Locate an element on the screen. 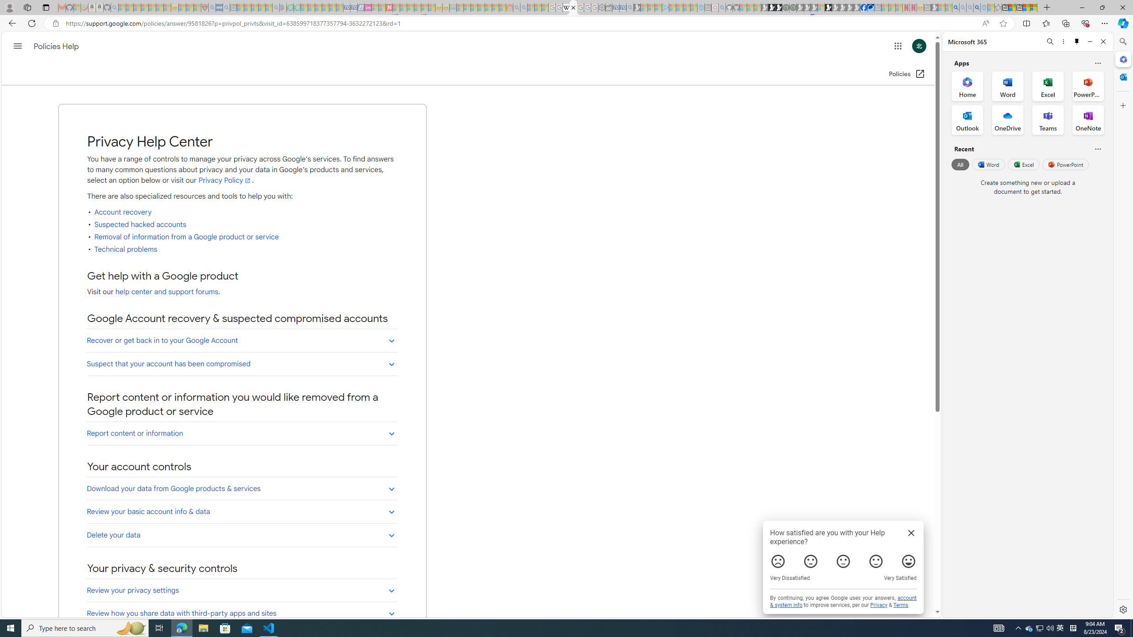 The width and height of the screenshot is (1133, 637). 'Home Office App' is located at coordinates (967, 86).